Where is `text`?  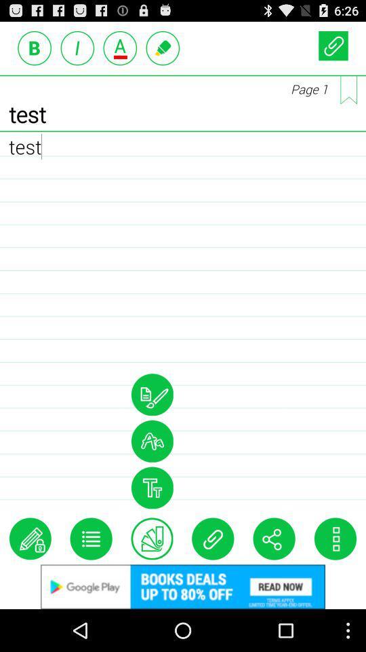 text is located at coordinates (151, 539).